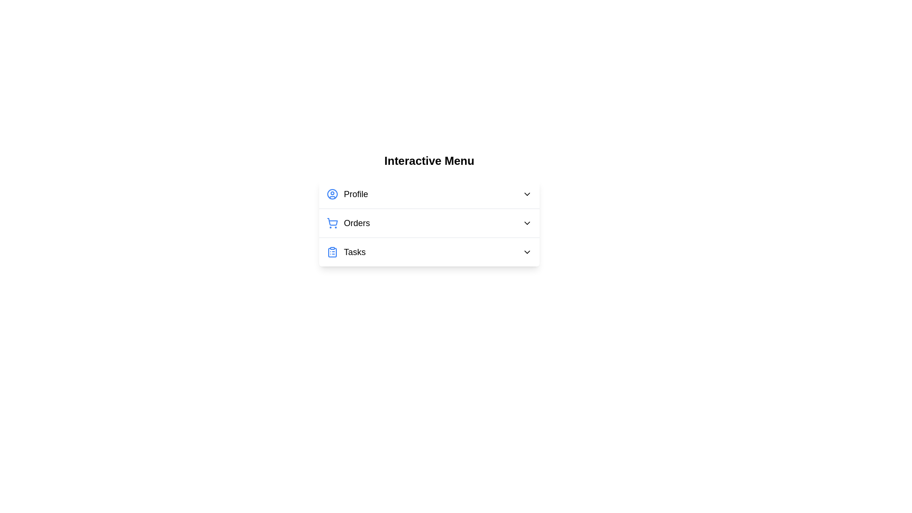 Image resolution: width=912 pixels, height=513 pixels. I want to click on the downward-pointing chevron icon next to the 'Orders' text, so click(526, 223).